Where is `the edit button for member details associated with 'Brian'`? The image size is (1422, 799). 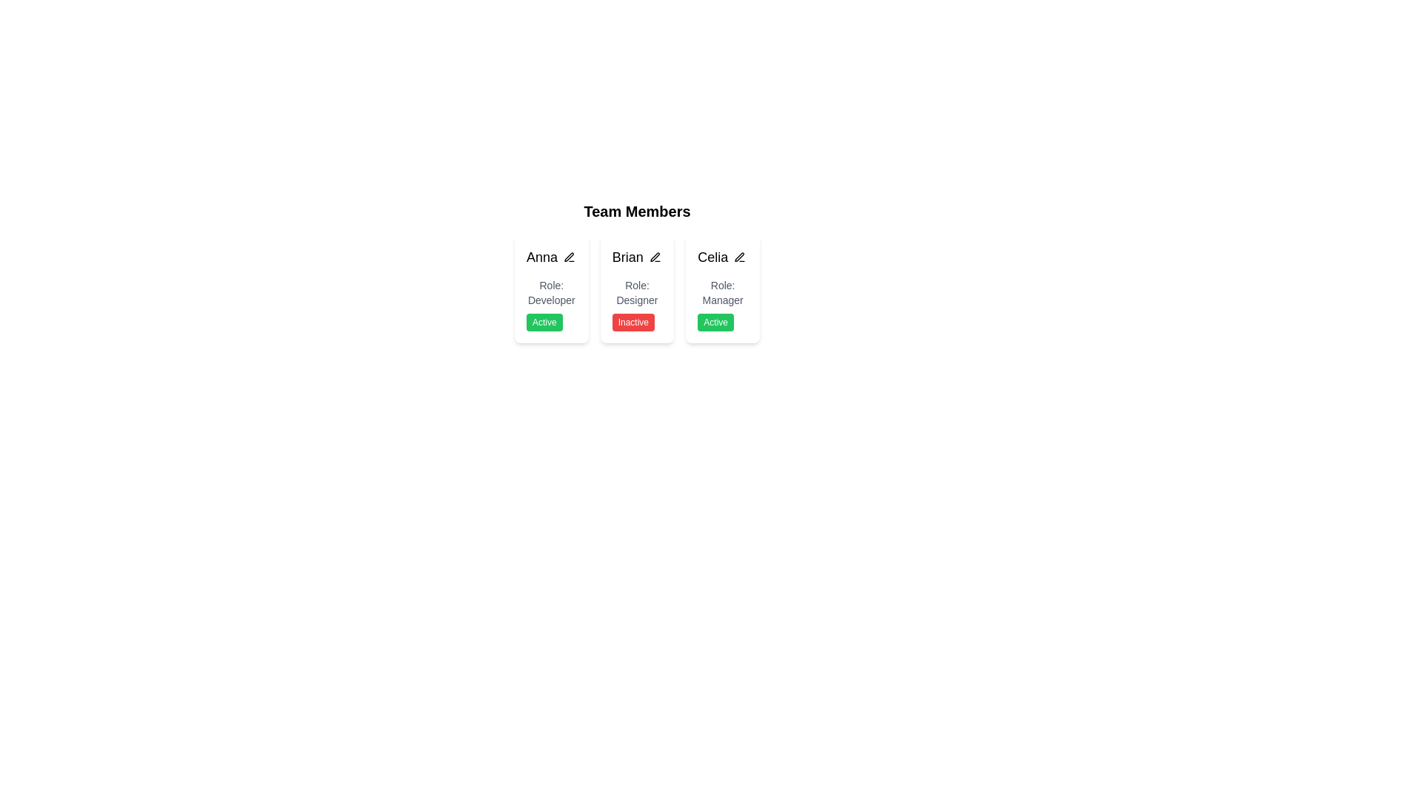 the edit button for member details associated with 'Brian' is located at coordinates (654, 256).